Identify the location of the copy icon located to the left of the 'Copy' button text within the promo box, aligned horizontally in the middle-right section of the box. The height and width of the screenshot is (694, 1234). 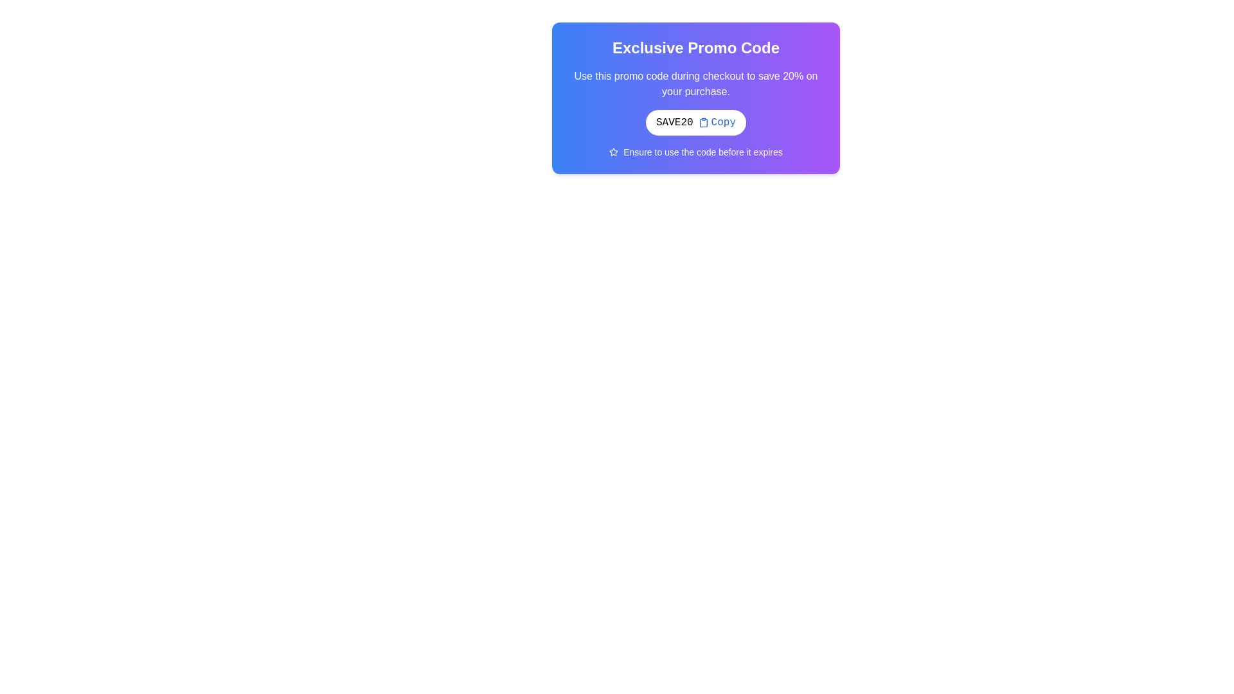
(702, 123).